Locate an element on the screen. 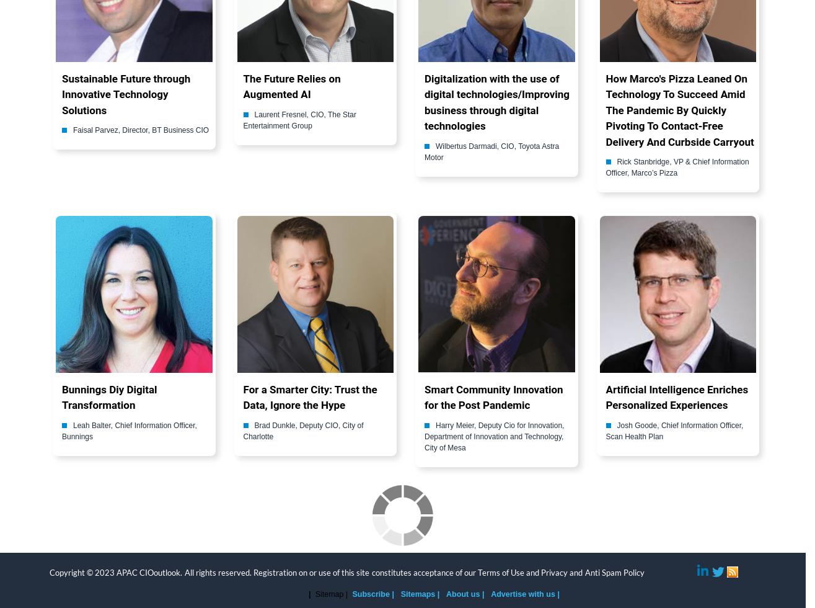 This screenshot has width=815, height=608. 'Artificial Intelligence Enriches Personalized Experiences' is located at coordinates (676, 397).